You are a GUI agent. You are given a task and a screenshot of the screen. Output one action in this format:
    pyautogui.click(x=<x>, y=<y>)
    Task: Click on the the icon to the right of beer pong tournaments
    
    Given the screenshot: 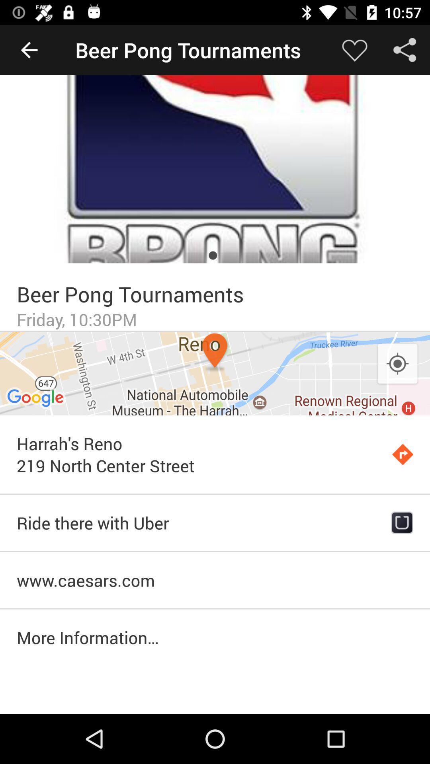 What is the action you would take?
    pyautogui.click(x=354, y=49)
    